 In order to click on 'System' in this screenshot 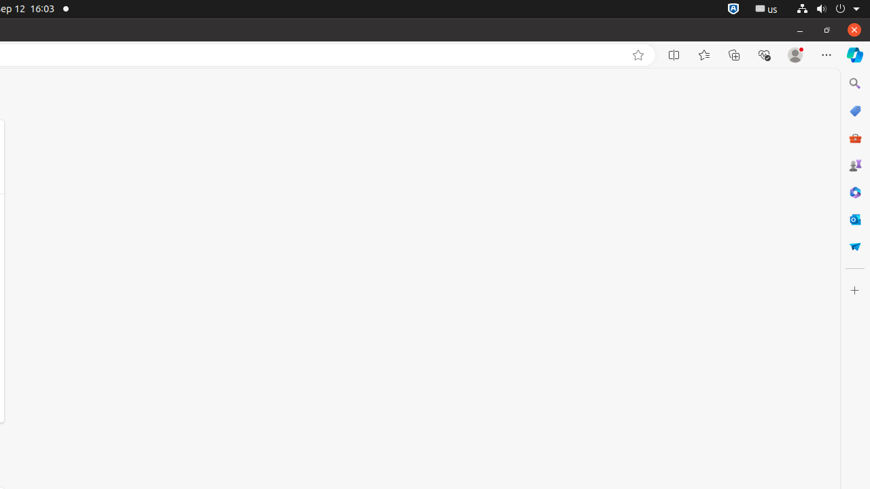, I will do `click(827, 9)`.